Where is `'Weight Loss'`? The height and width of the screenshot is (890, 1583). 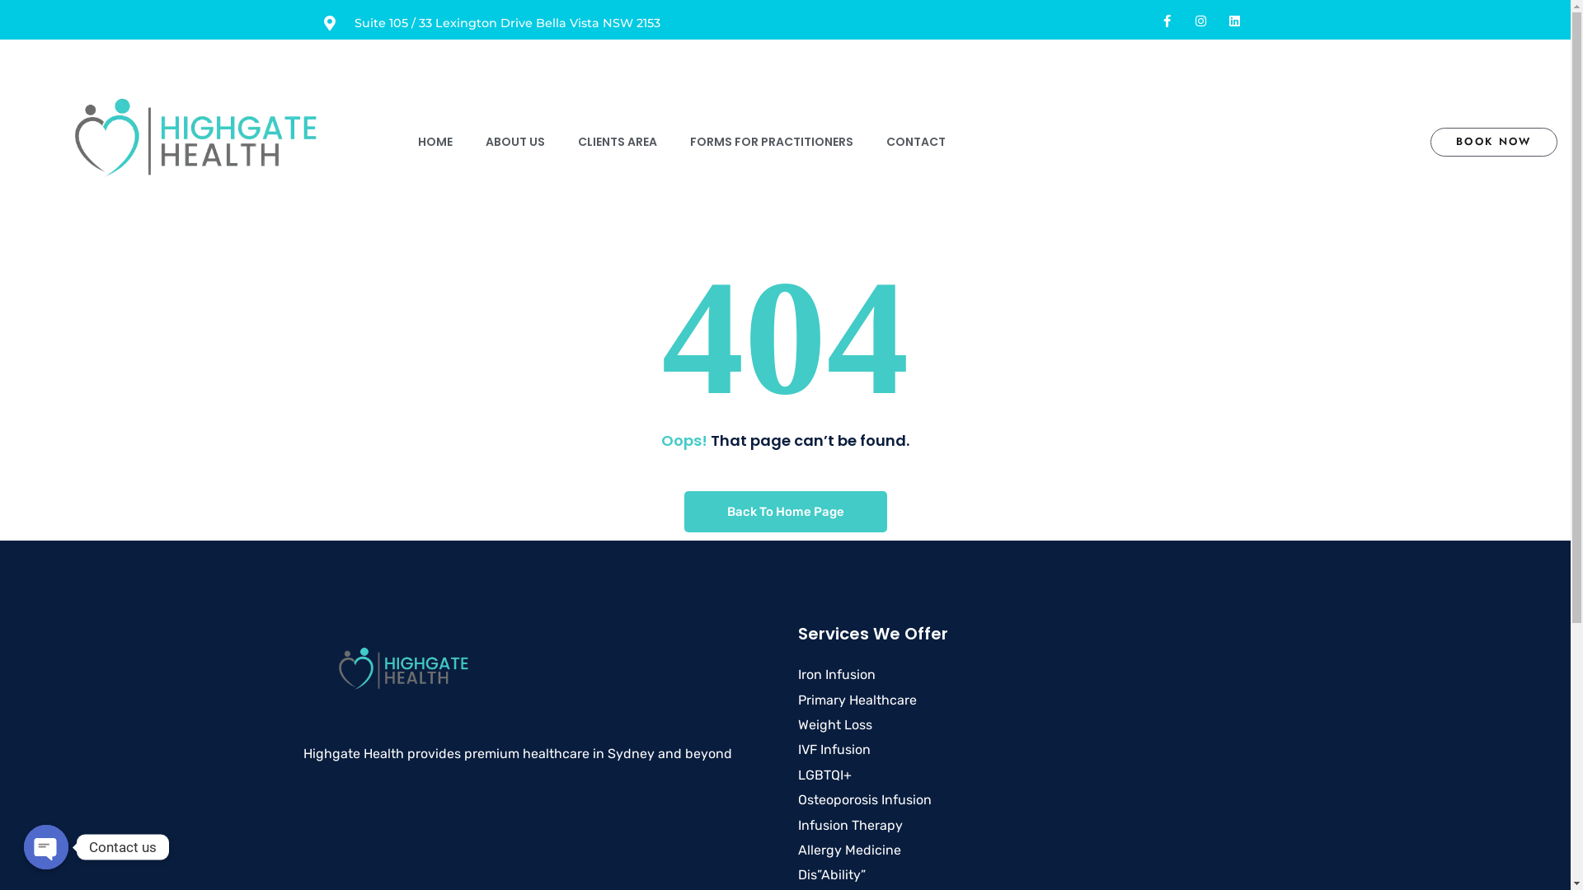
'Weight Loss' is located at coordinates (834, 724).